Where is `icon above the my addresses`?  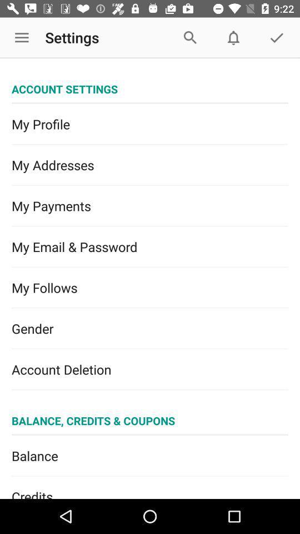
icon above the my addresses is located at coordinates (150, 124).